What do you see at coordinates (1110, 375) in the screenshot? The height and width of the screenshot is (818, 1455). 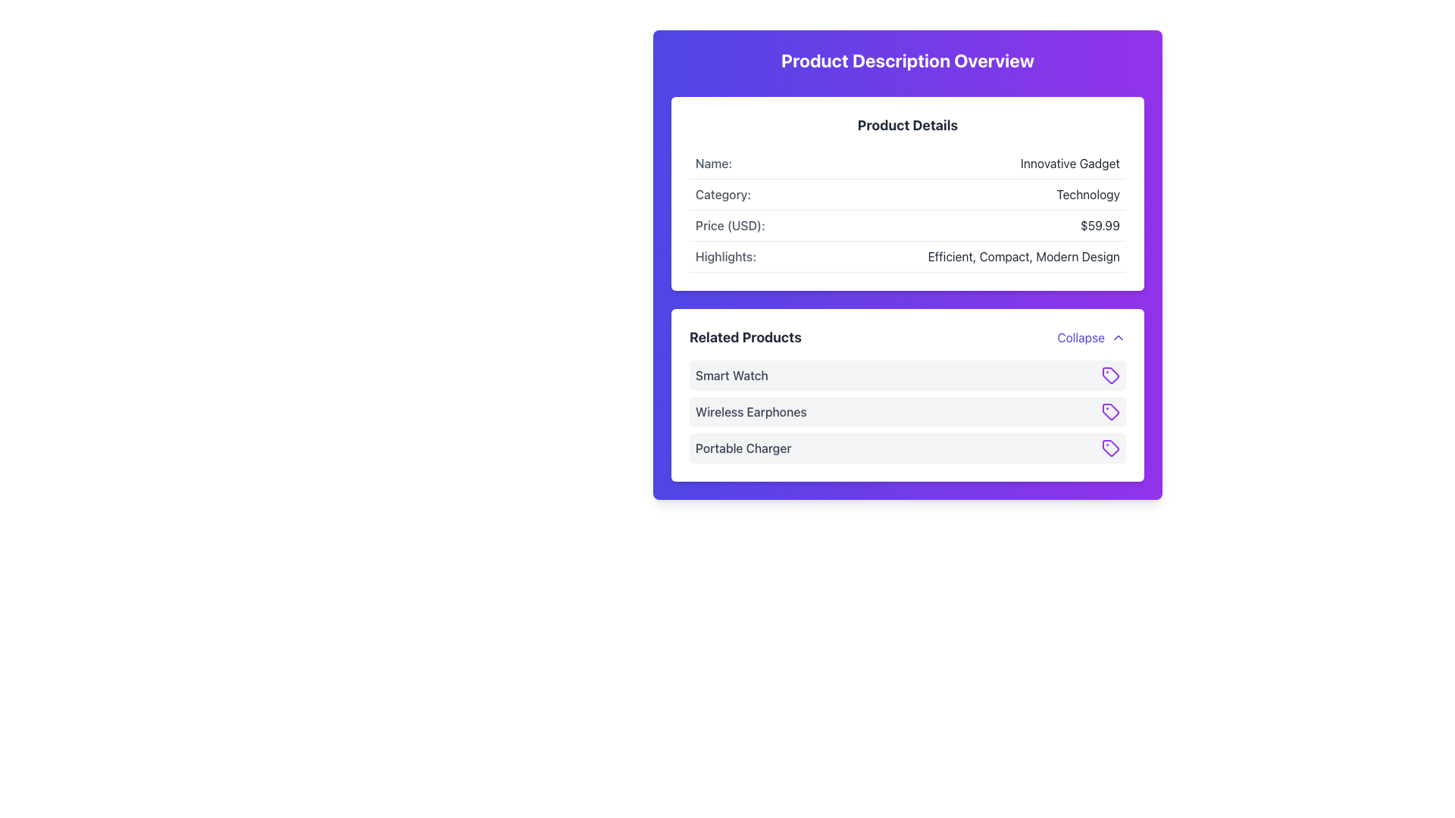 I see `the stylized purple tag icon located next to the 'Portable Charger' in the 'Related Products' section` at bounding box center [1110, 375].